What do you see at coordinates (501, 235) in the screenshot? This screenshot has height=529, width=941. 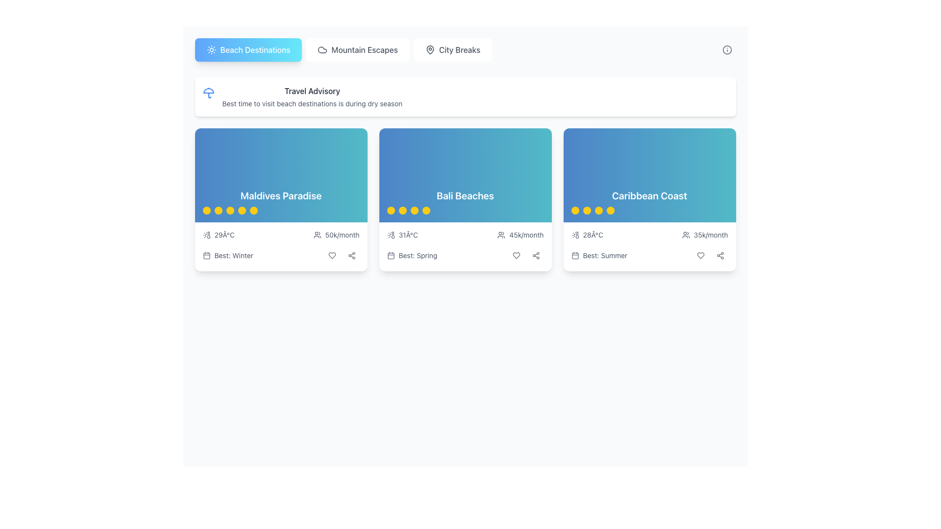 I see `the user icon SVG graphic located in the 'Bali Beaches' card, which is styled with 'text-gray-500' and appears before the text '45k/month'` at bounding box center [501, 235].